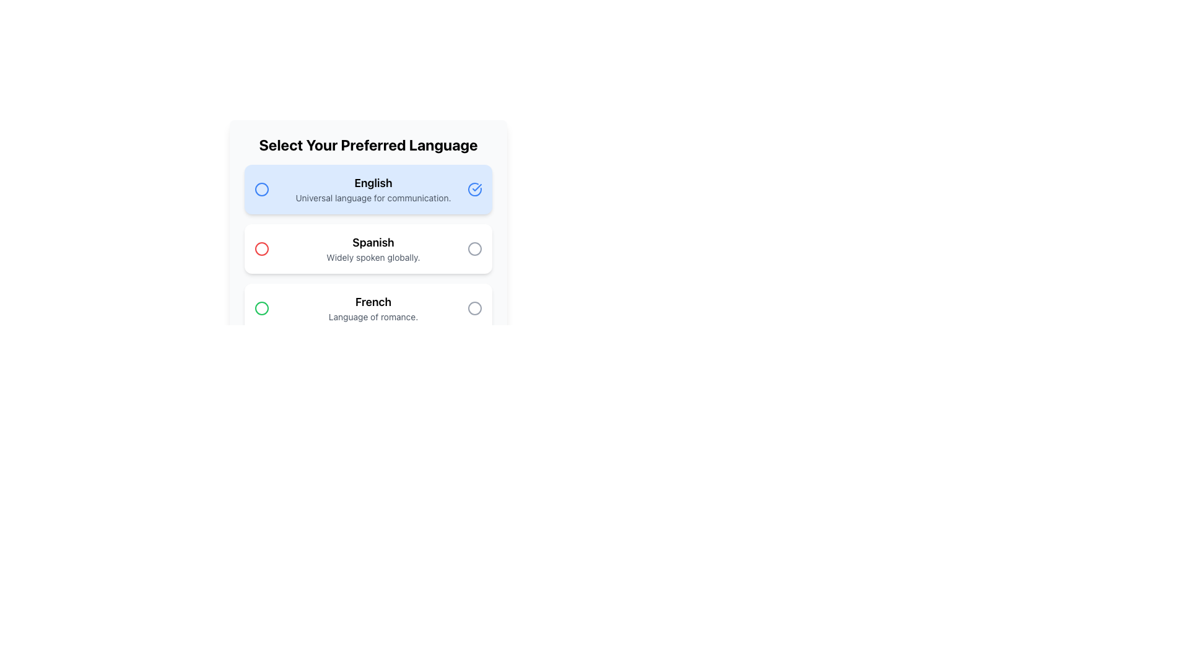  I want to click on the graphical circle indicator for the 'Spanish' option in the language selection form, so click(474, 248).